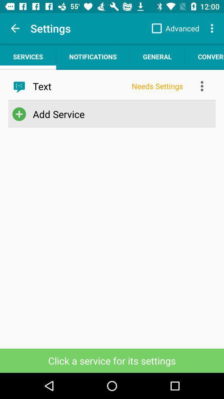 The image size is (224, 399). I want to click on the item to the left of the needs settings item, so click(79, 86).